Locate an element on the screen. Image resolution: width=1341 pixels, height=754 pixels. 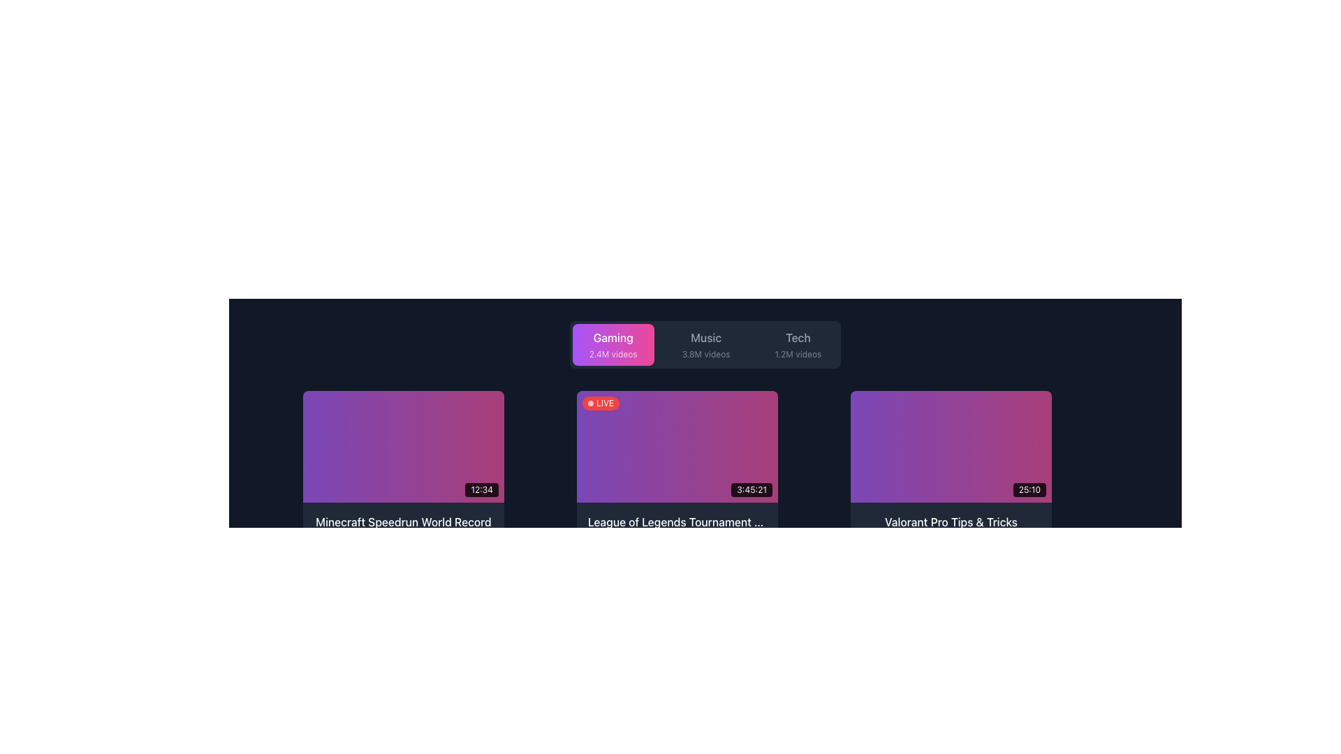
the title text element located in the bottom section of the video item card, positioned below the video thumbnail is located at coordinates (951, 532).